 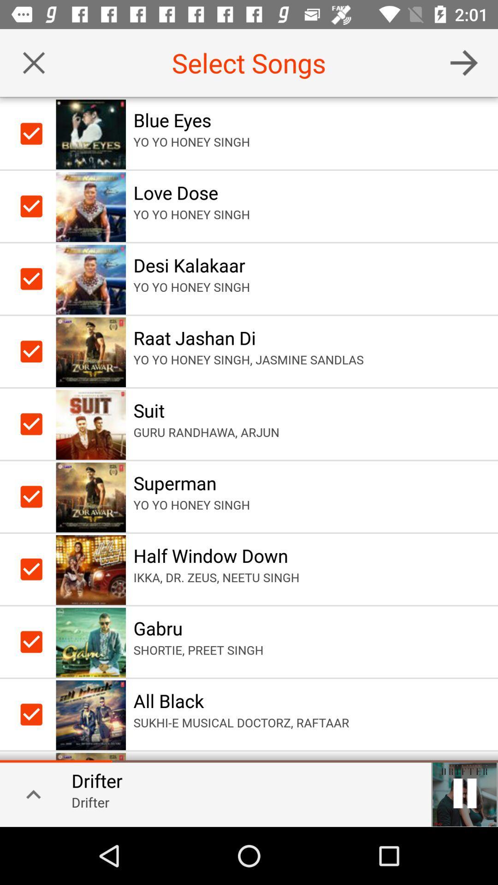 What do you see at coordinates (464, 793) in the screenshot?
I see `pauses the current song` at bounding box center [464, 793].